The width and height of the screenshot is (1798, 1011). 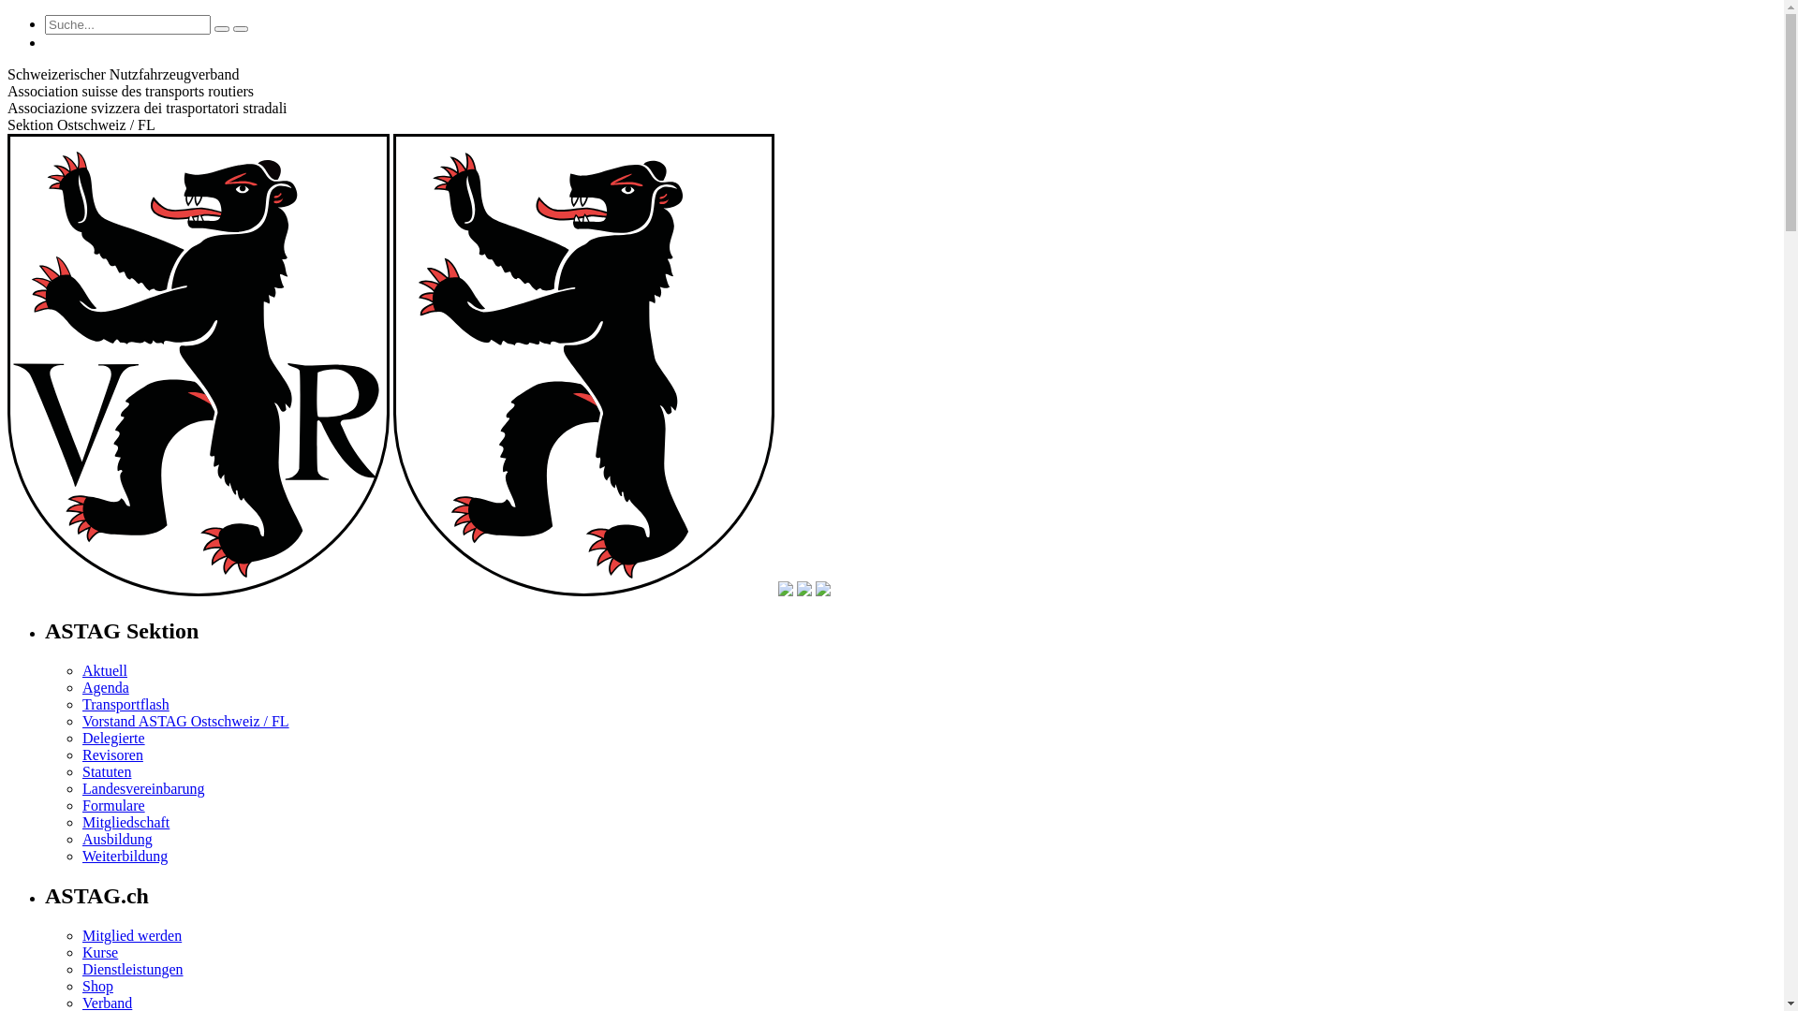 What do you see at coordinates (125, 821) in the screenshot?
I see `'Mitgliedschaft'` at bounding box center [125, 821].